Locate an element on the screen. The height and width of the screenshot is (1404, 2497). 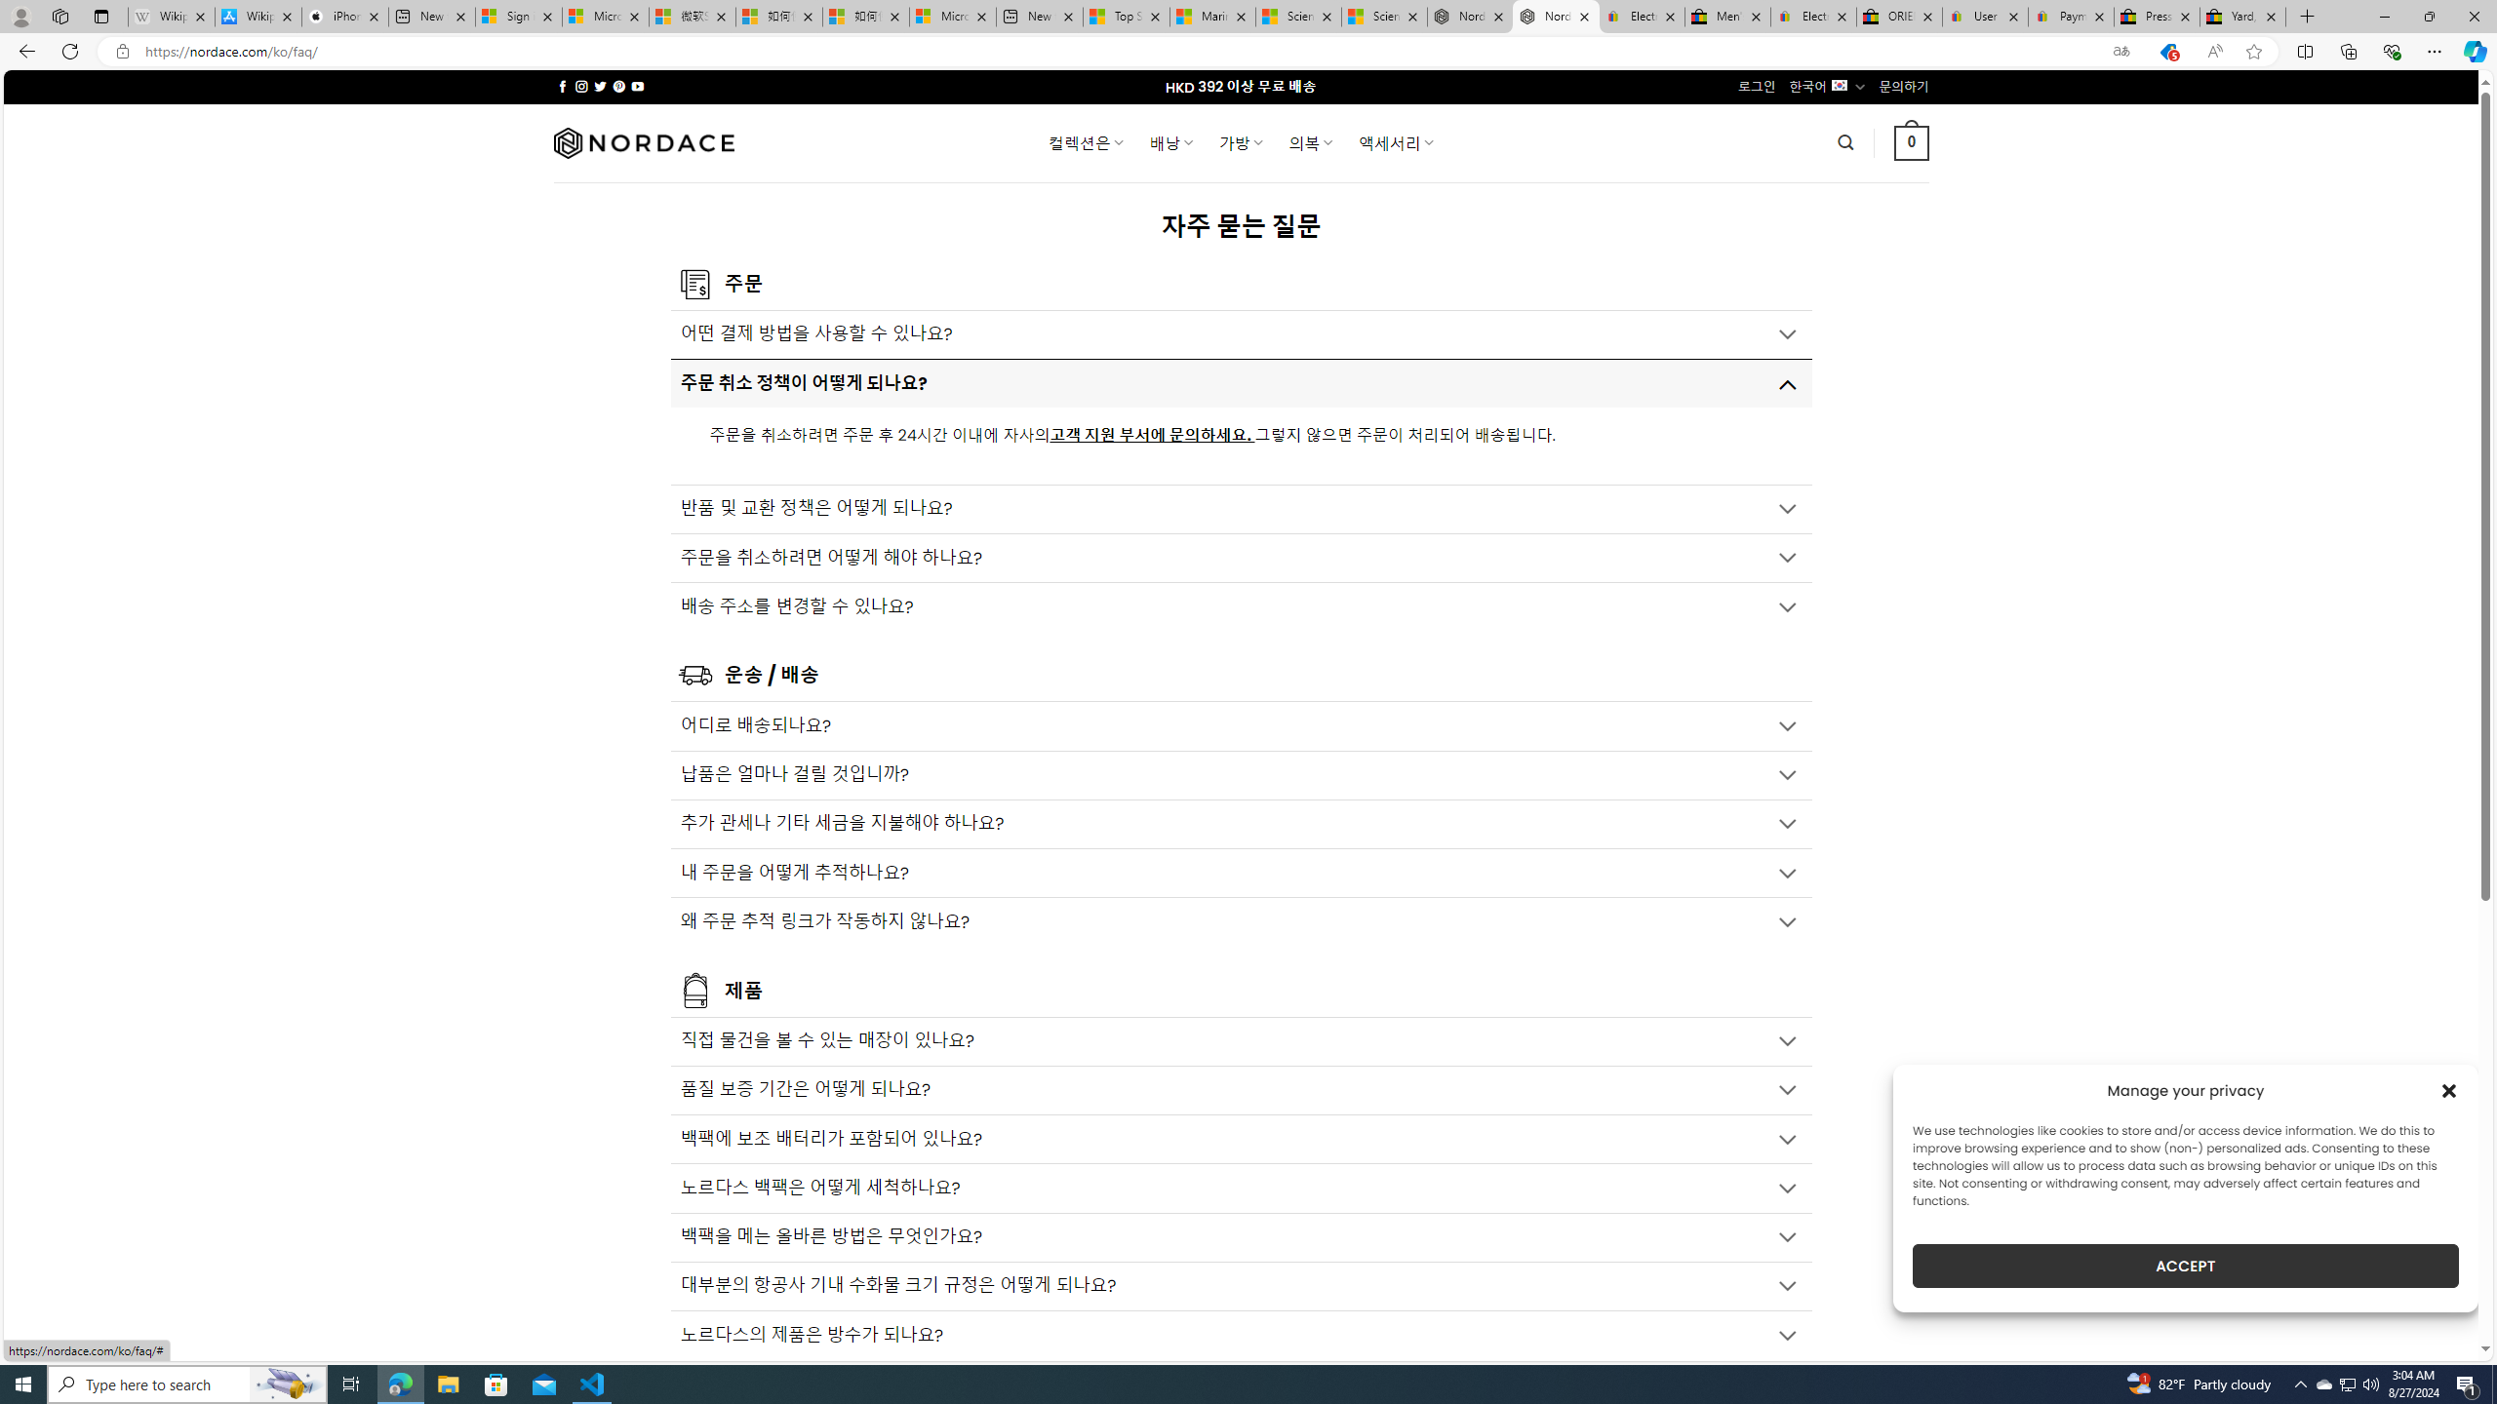
'Marine life - MSN' is located at coordinates (1211, 16).